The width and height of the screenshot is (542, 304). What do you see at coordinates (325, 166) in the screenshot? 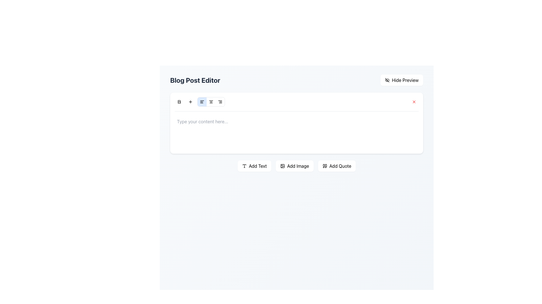
I see `the 'Add Quote' button located in the bottom-right corner of the application, which contains a small icon resembling quotation marks on its left side` at bounding box center [325, 166].